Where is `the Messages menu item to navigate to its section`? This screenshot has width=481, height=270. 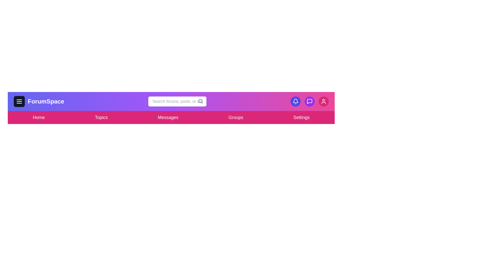
the Messages menu item to navigate to its section is located at coordinates (168, 117).